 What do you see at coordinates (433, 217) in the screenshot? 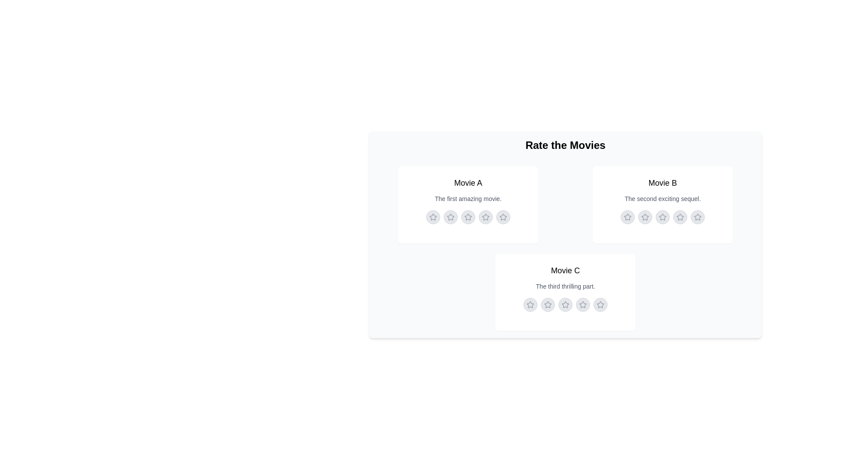
I see `the first circular Rating button with a light gray background and star icon to give a rating` at bounding box center [433, 217].